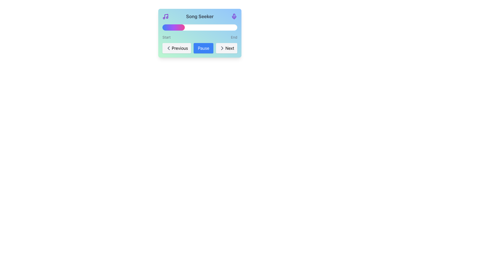  Describe the element at coordinates (234, 15) in the screenshot. I see `the microphone icon sub-component located in the upper-right corner of the card interface` at that location.